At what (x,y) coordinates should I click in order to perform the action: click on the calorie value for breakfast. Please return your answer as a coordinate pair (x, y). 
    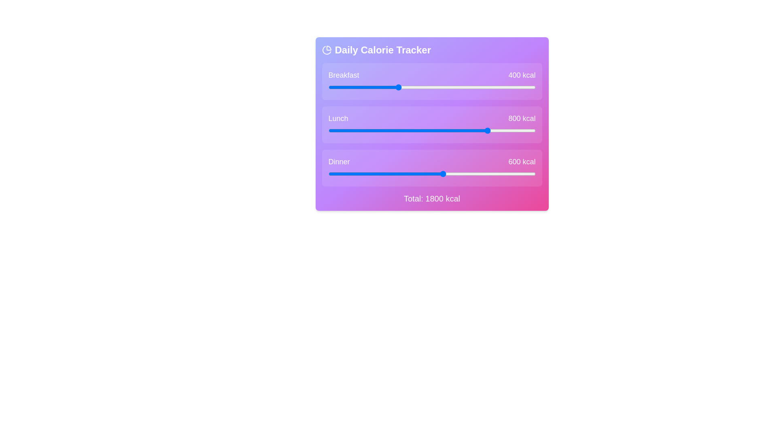
    Looking at the image, I should click on (410, 87).